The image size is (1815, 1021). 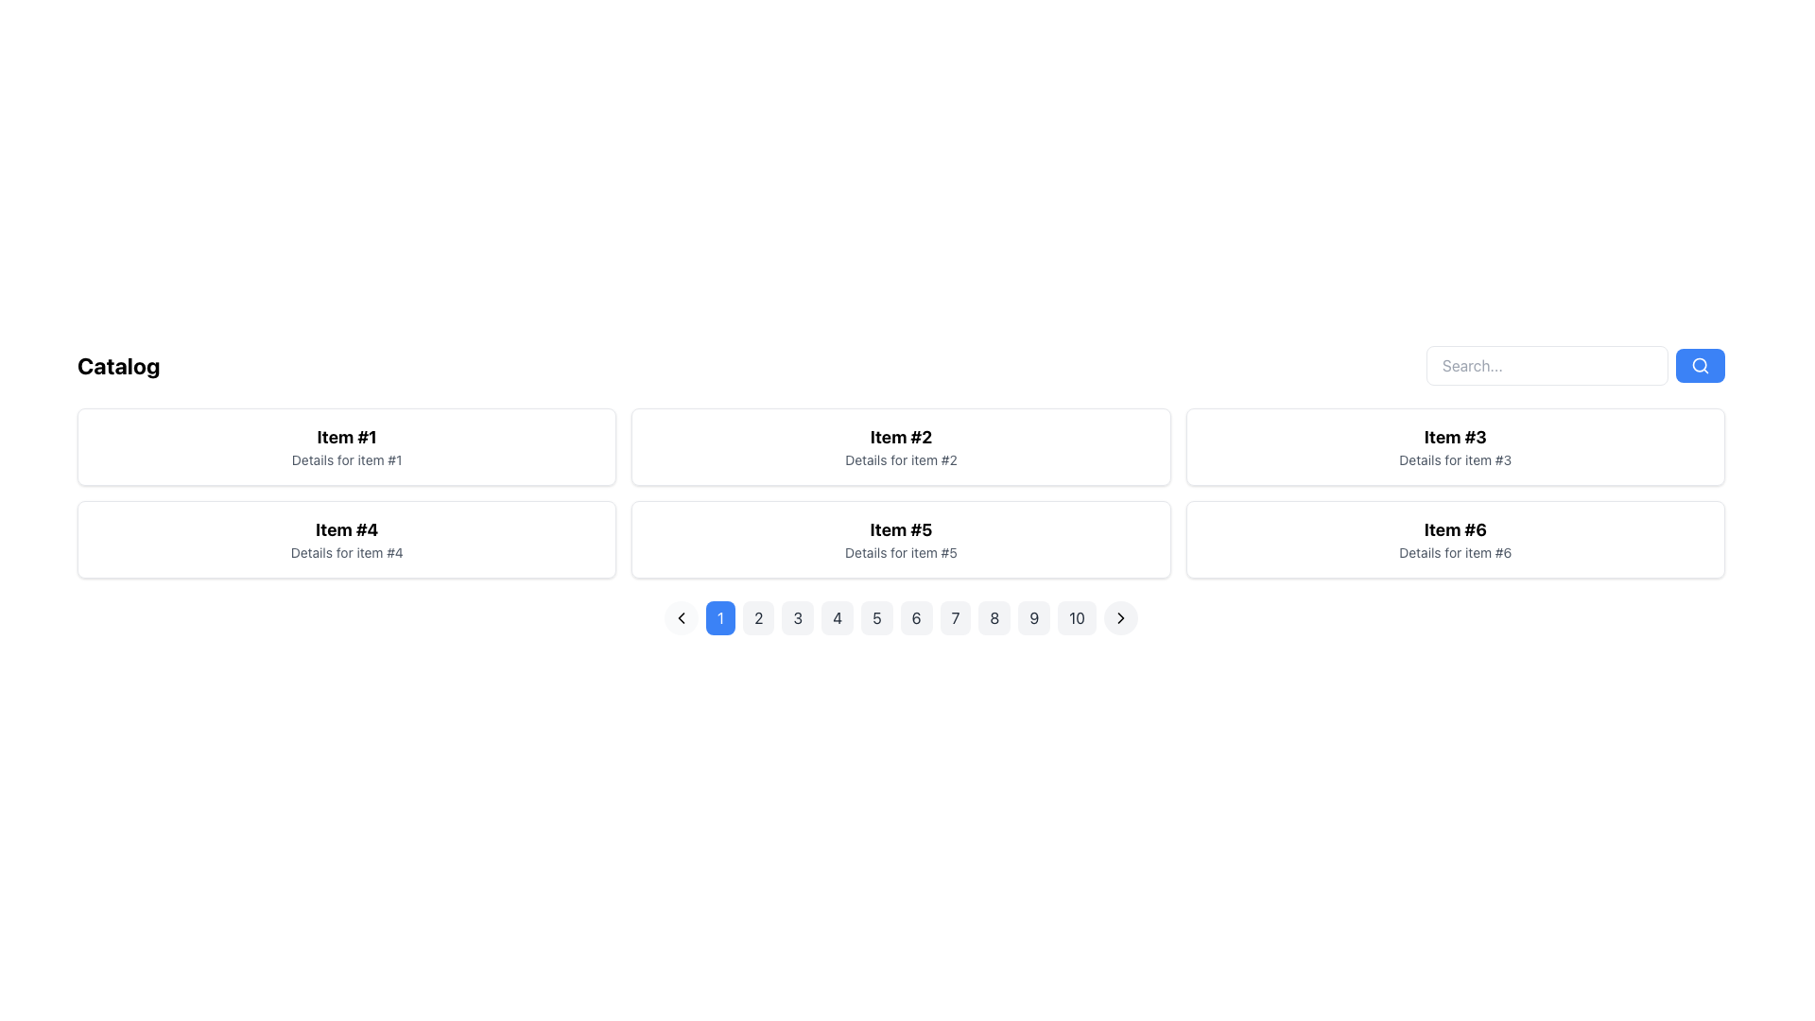 What do you see at coordinates (681, 618) in the screenshot?
I see `the leftmost pagination button with an embedded icon located at the bottom center of the interface` at bounding box center [681, 618].